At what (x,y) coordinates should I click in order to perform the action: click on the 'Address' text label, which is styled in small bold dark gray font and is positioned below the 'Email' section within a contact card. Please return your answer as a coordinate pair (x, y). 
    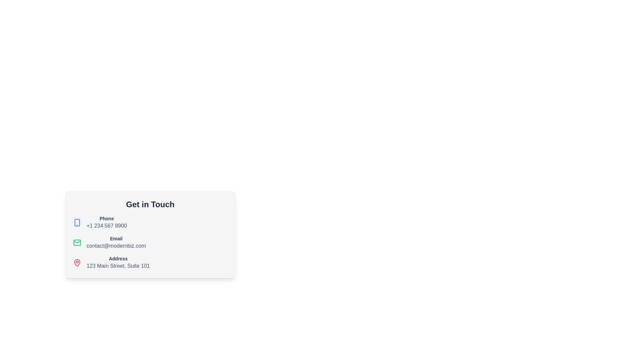
    Looking at the image, I should click on (118, 258).